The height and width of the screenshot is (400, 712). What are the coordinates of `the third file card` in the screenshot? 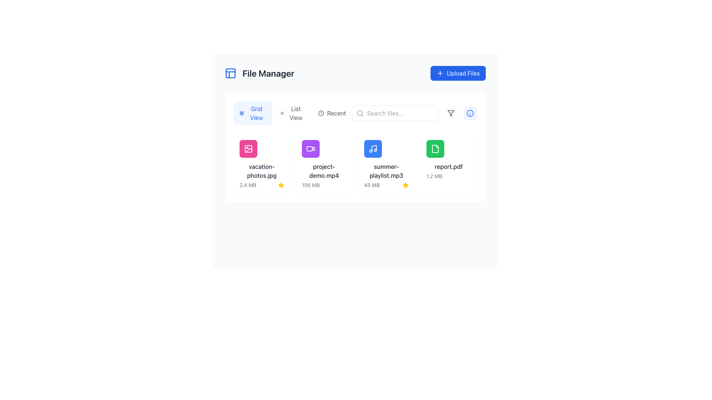 It's located at (386, 164).